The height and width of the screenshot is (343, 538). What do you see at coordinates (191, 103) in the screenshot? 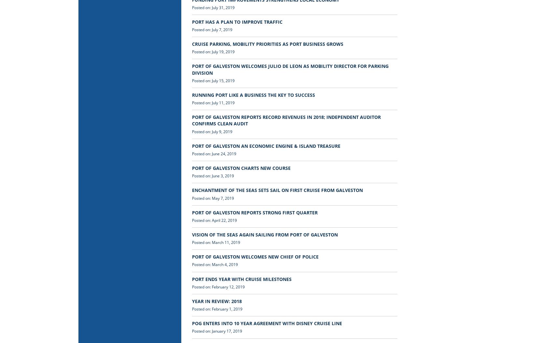
I see `'Posted on: July 11, 2019'` at bounding box center [191, 103].